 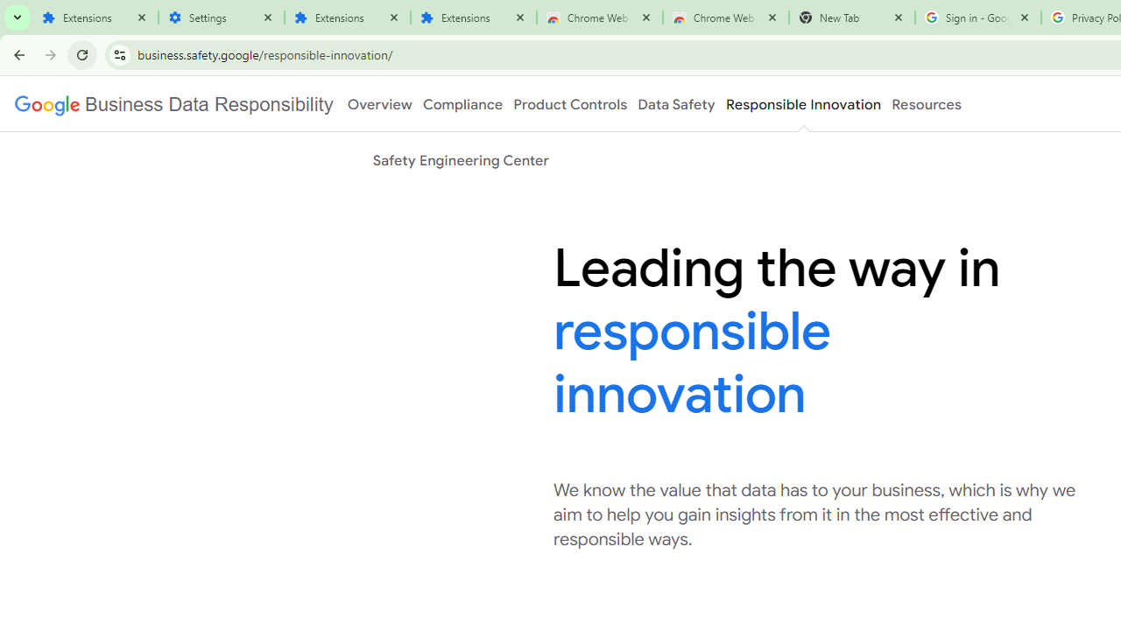 I want to click on 'Close', so click(x=1024, y=17).